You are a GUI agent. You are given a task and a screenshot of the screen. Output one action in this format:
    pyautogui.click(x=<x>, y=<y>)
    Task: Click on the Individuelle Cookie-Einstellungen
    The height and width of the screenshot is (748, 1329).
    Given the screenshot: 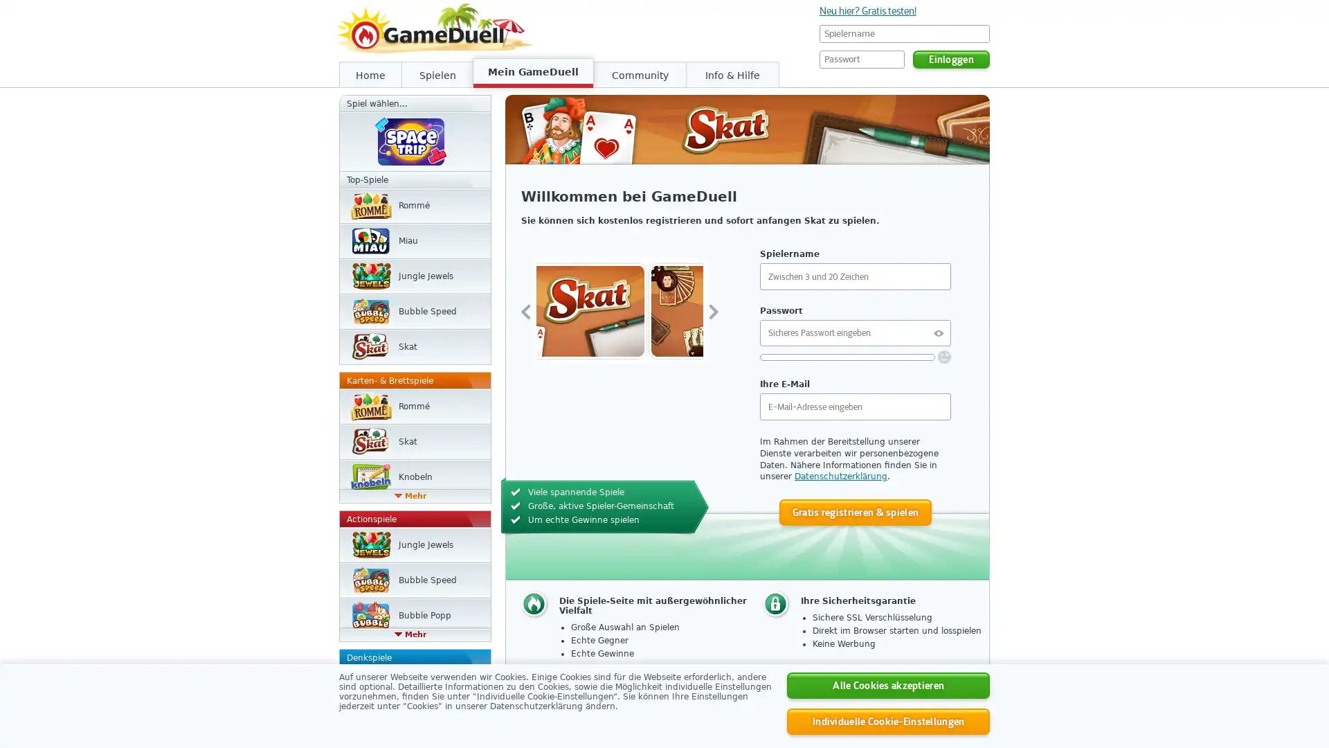 What is the action you would take?
    pyautogui.click(x=888, y=720)
    